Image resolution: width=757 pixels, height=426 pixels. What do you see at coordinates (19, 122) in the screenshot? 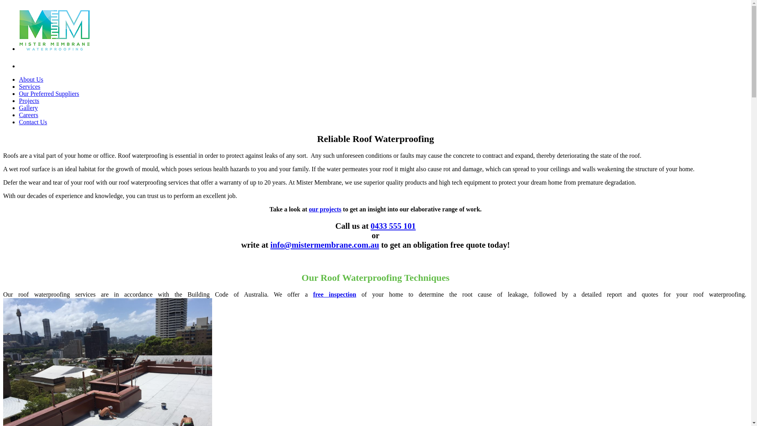
I see `'Contact Us'` at bounding box center [19, 122].